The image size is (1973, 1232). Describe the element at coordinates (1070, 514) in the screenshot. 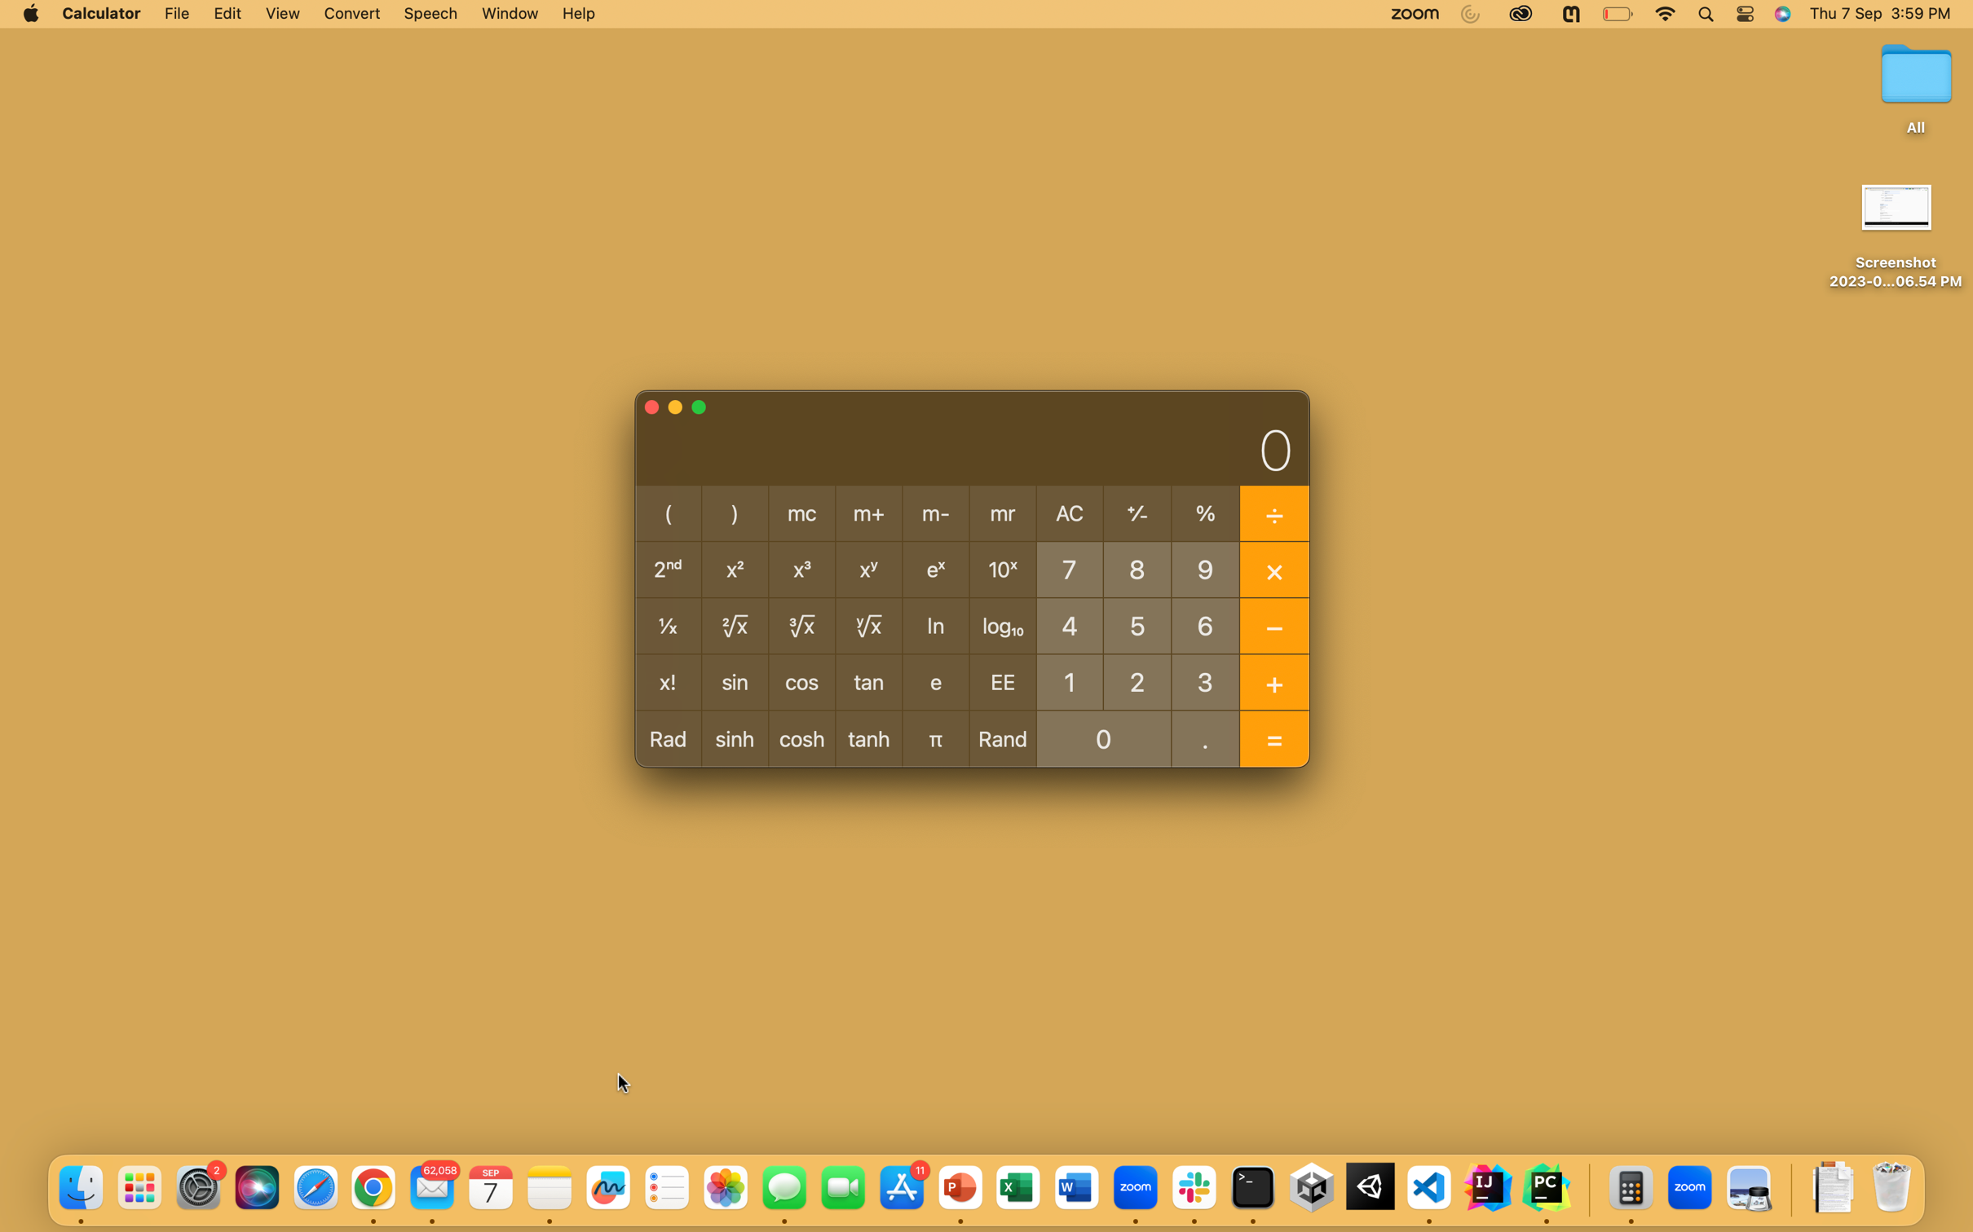

I see `Click AC to clear contents` at that location.